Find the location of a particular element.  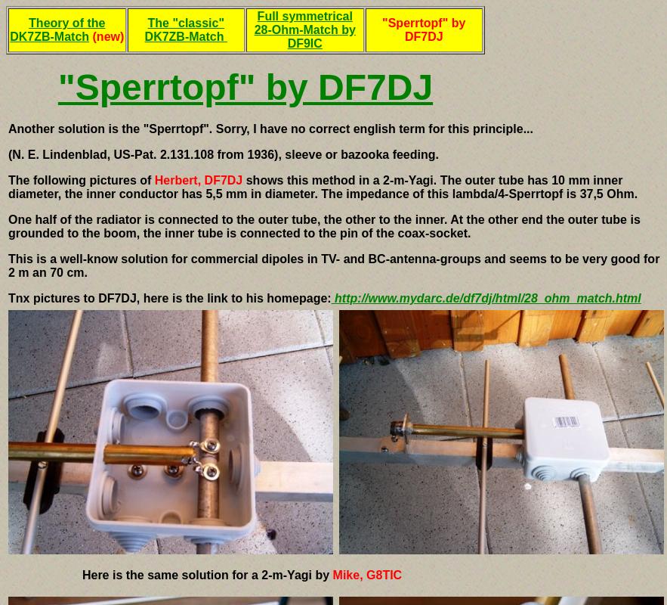

'(N. E. Lindenblad, US-Pat. 2.131.108 from
1936), sleeve or bazooka feeding.' is located at coordinates (223, 154).